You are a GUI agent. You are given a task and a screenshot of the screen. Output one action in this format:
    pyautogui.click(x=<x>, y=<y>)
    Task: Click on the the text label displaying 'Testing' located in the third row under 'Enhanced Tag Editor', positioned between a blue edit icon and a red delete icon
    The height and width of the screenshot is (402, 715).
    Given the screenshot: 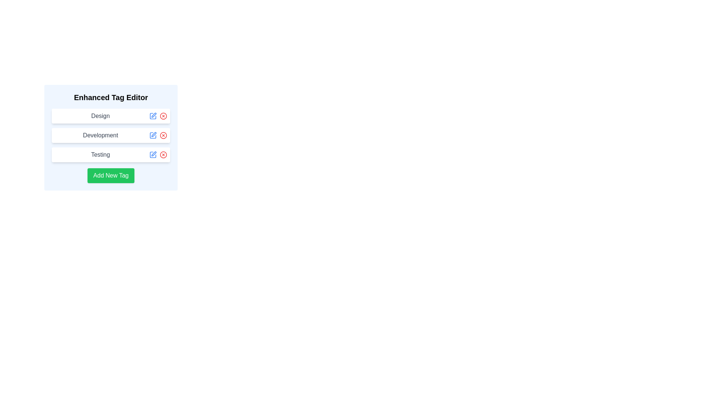 What is the action you would take?
    pyautogui.click(x=100, y=154)
    